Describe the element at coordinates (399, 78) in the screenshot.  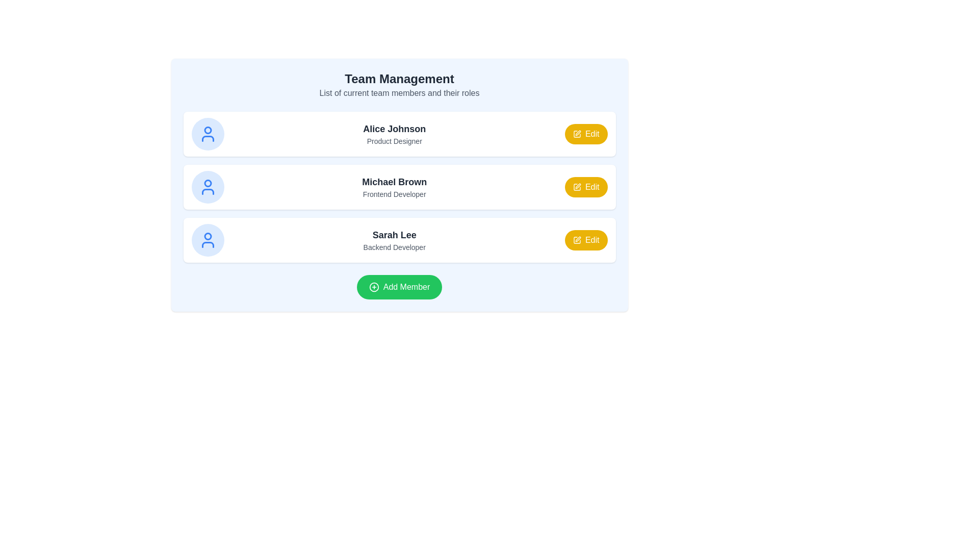
I see `the static text label displaying 'Team Management', which is prominently centered at the top of the section for team members` at that location.